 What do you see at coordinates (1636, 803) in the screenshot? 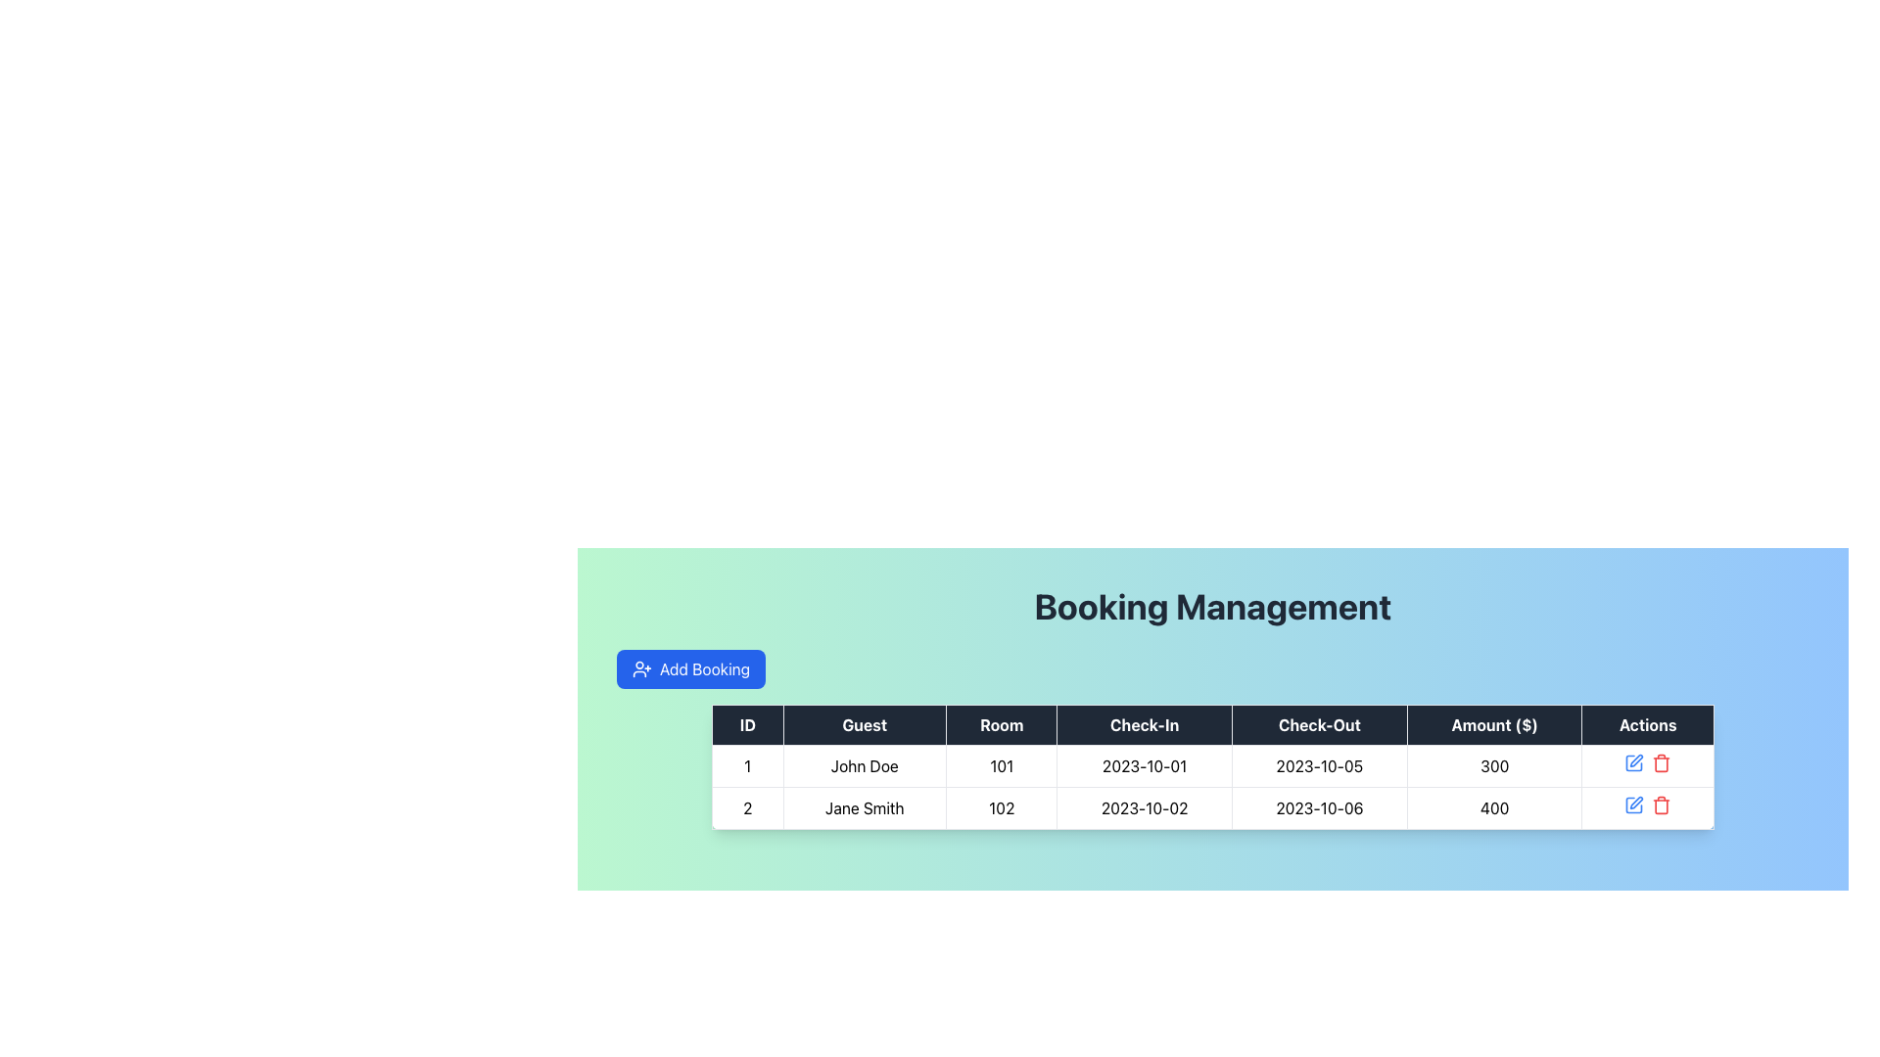
I see `the Edit icon button located in the Actions column for the table row corresponding to Jane Smith to initiate editing of the row's data` at bounding box center [1636, 803].